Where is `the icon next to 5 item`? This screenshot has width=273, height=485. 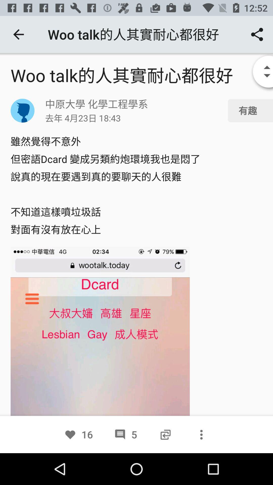
the icon next to 5 item is located at coordinates (166, 434).